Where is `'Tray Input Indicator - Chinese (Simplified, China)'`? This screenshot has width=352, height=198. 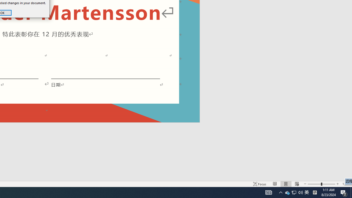 'Tray Input Indicator - Chinese (Simplified, China)' is located at coordinates (315, 192).